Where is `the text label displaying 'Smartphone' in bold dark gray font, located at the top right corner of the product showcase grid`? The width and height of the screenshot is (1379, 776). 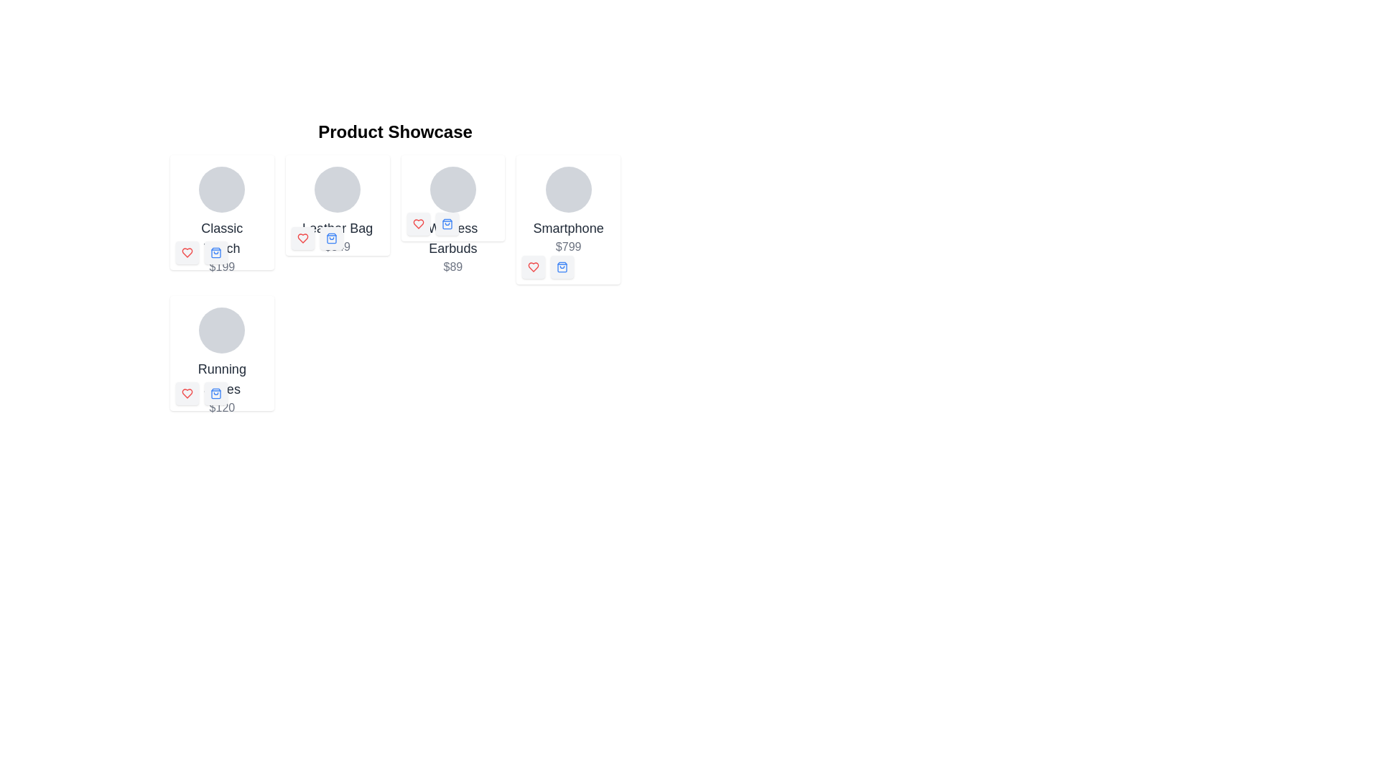 the text label displaying 'Smartphone' in bold dark gray font, located at the top right corner of the product showcase grid is located at coordinates (567, 227).